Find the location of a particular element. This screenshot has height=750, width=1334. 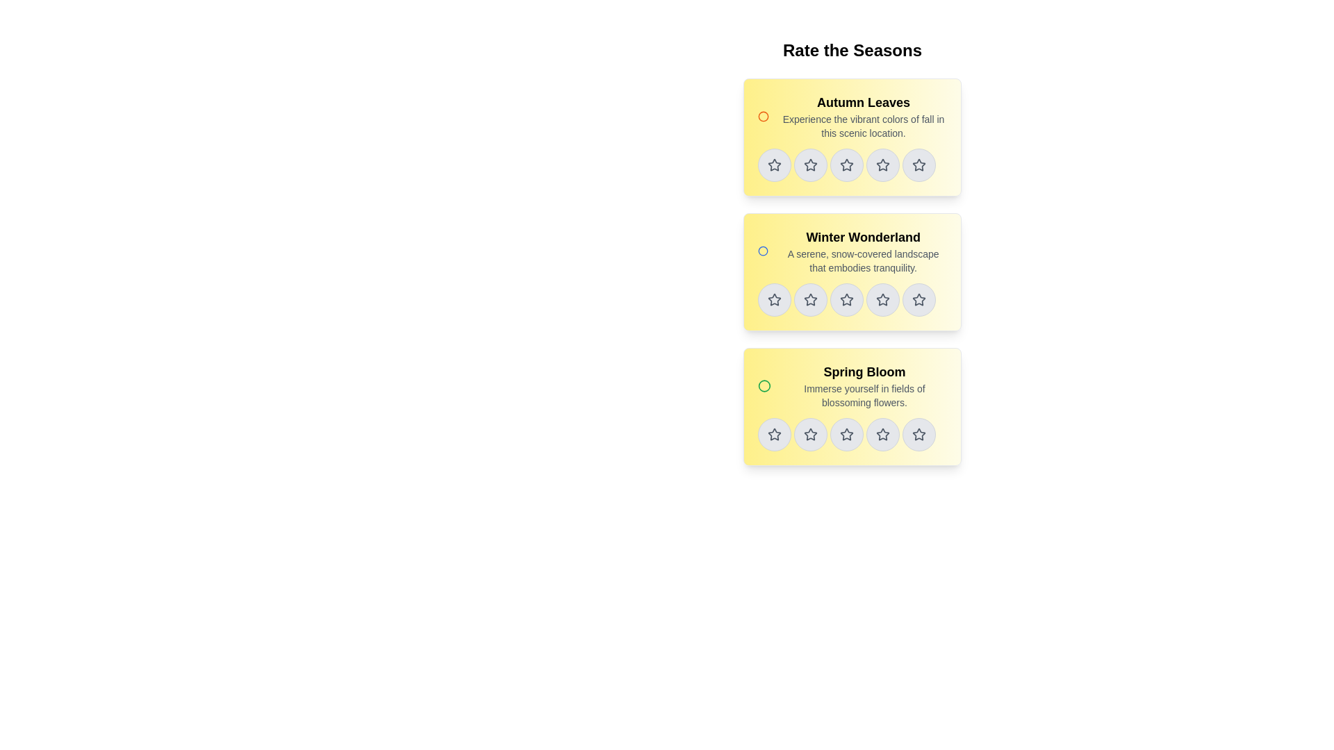

the star button in the Rating component located in the lower section of the 'Autumn Leaves' card to set the rating is located at coordinates (852, 165).